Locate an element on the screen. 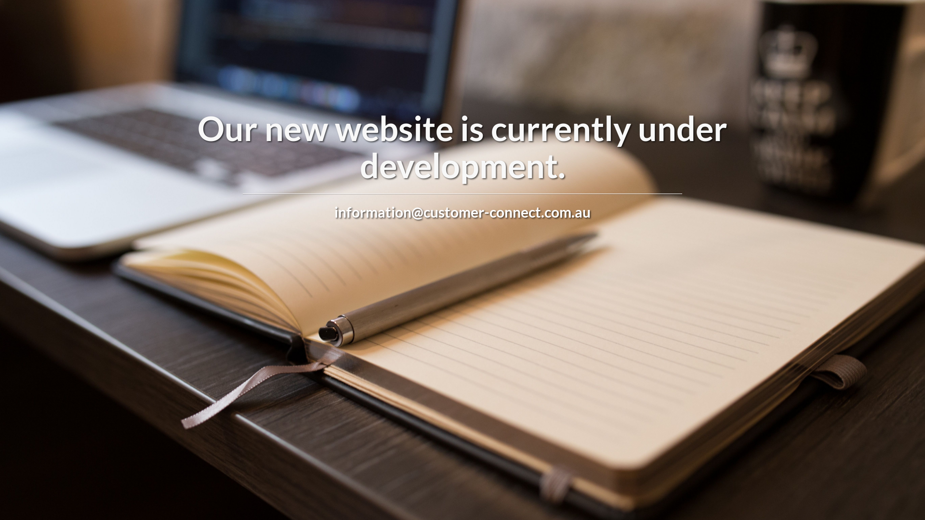 The height and width of the screenshot is (520, 925). 'information@customer-connect.com.au' is located at coordinates (462, 211).